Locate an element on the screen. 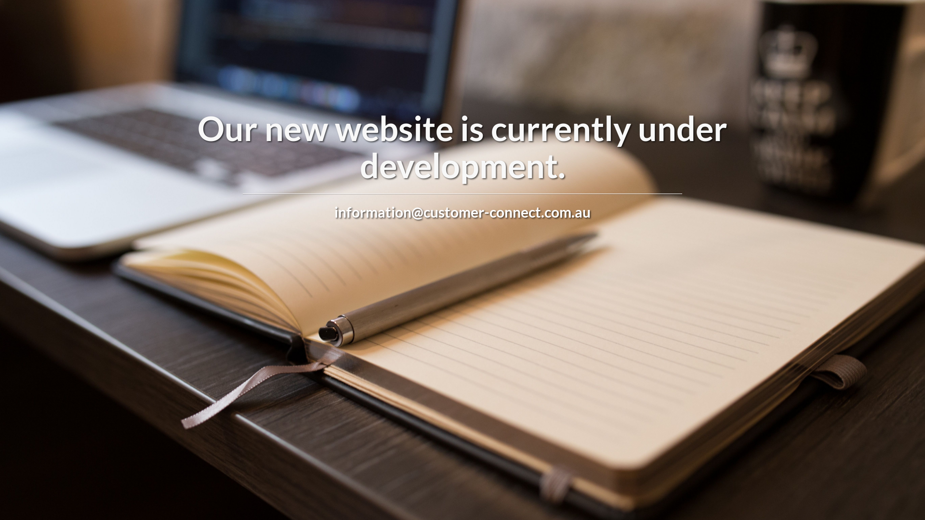 The height and width of the screenshot is (520, 925). 'information@customer-connect.com.au' is located at coordinates (462, 211).